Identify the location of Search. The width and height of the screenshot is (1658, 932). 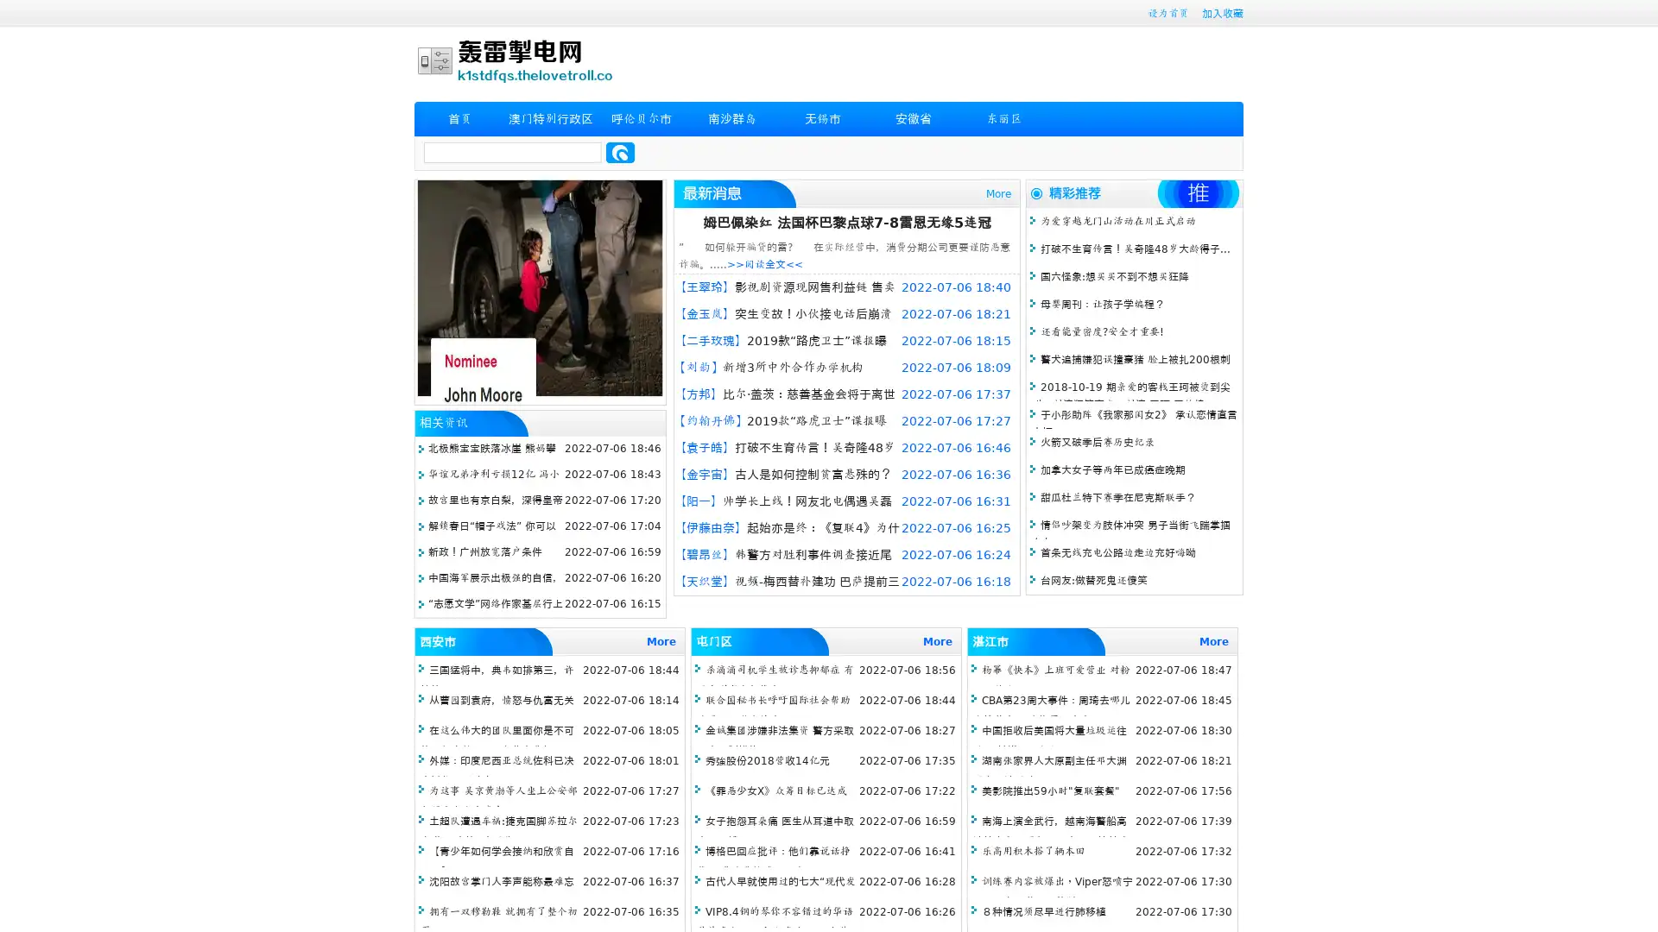
(620, 152).